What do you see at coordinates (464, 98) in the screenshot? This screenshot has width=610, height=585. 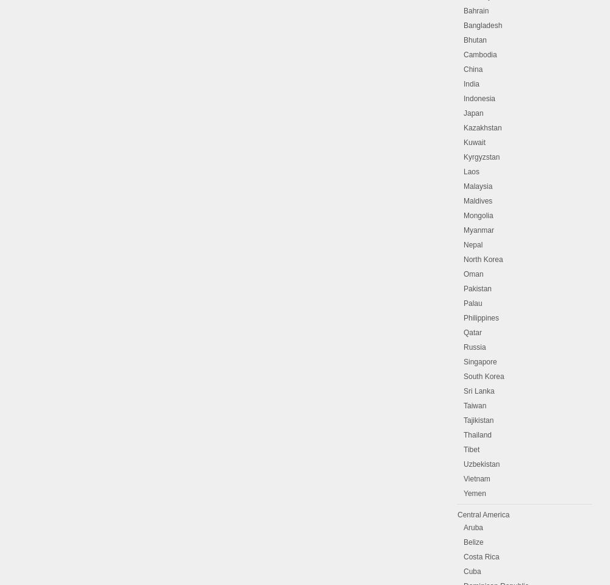 I see `'Indonesia'` at bounding box center [464, 98].